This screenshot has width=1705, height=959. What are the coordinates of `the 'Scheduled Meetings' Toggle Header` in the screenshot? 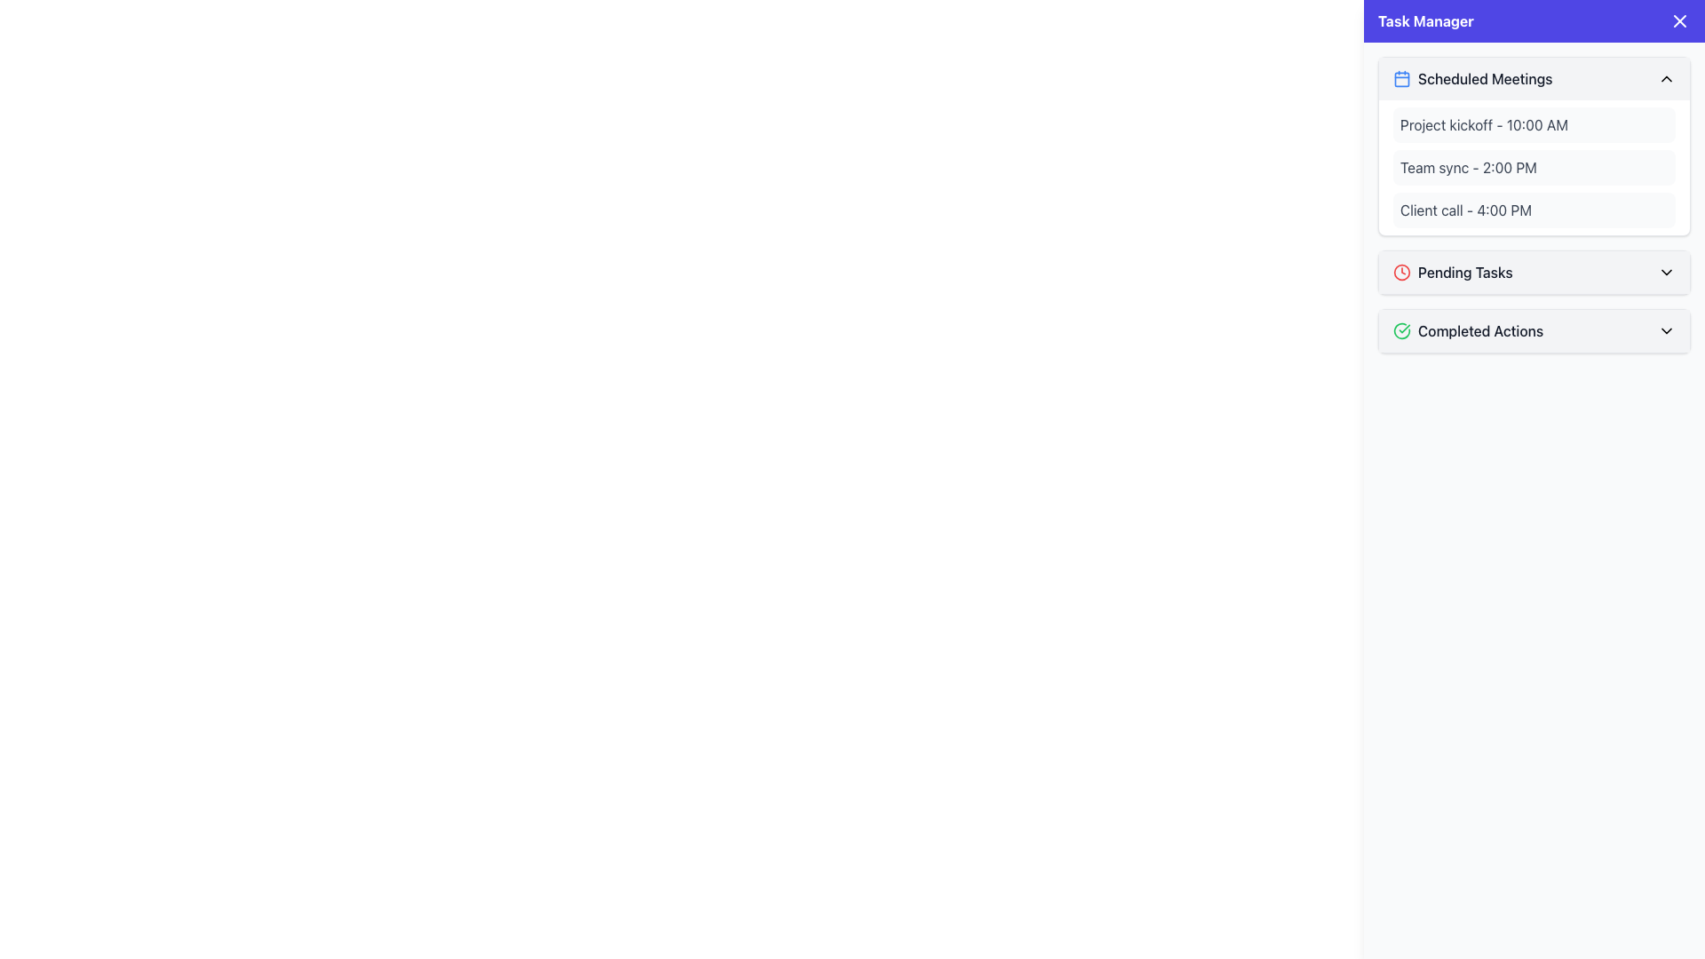 It's located at (1534, 77).